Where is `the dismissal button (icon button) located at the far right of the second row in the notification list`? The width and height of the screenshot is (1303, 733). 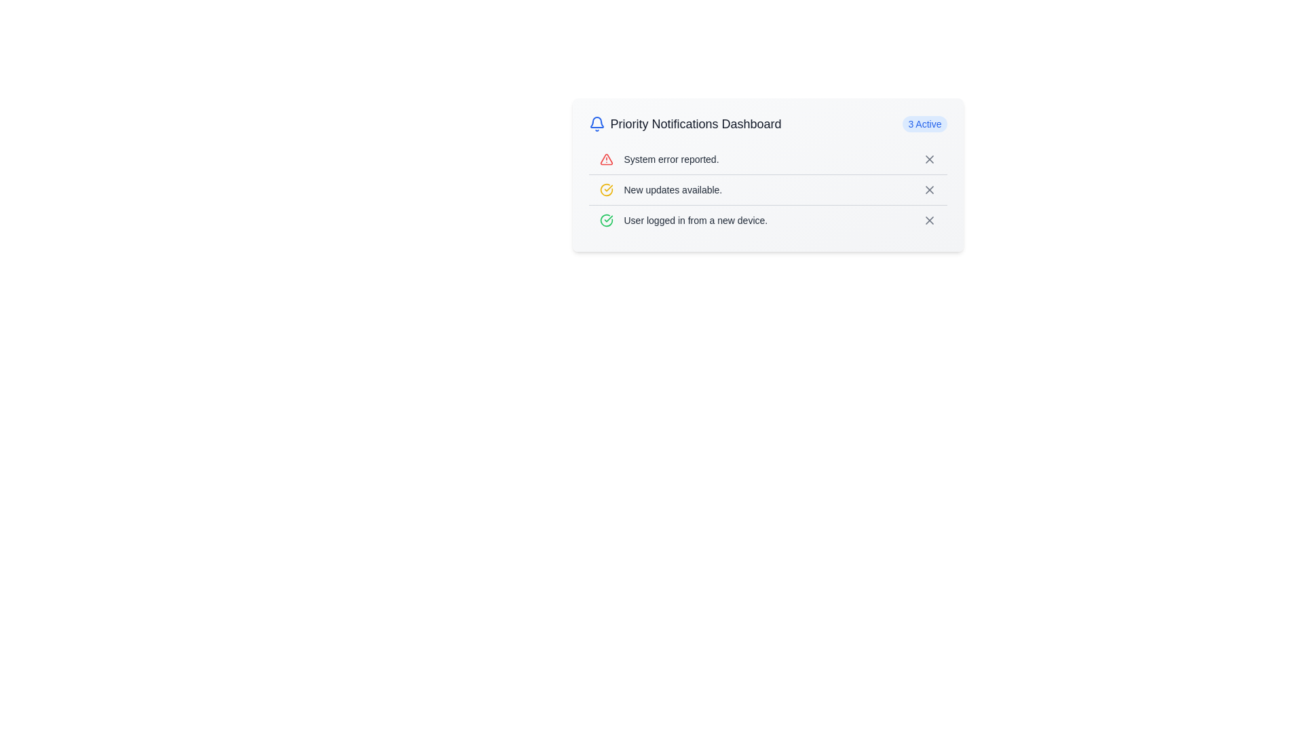 the dismissal button (icon button) located at the far right of the second row in the notification list is located at coordinates (928, 190).